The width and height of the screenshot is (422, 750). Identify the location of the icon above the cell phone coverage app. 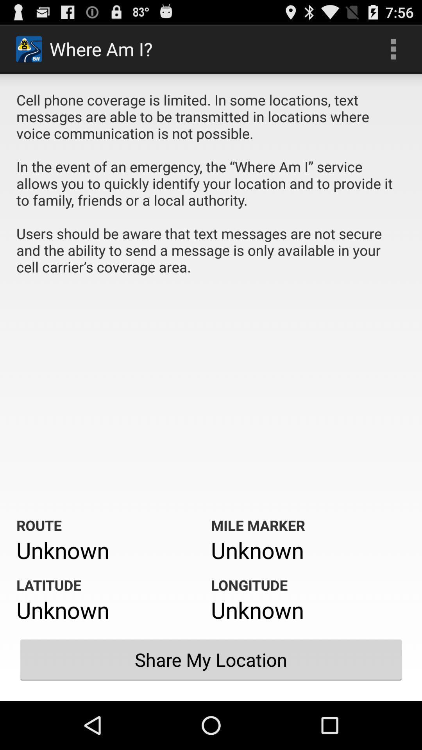
(393, 48).